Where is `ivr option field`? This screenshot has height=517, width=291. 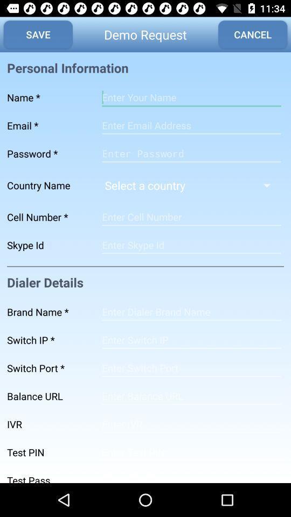
ivr option field is located at coordinates (191, 424).